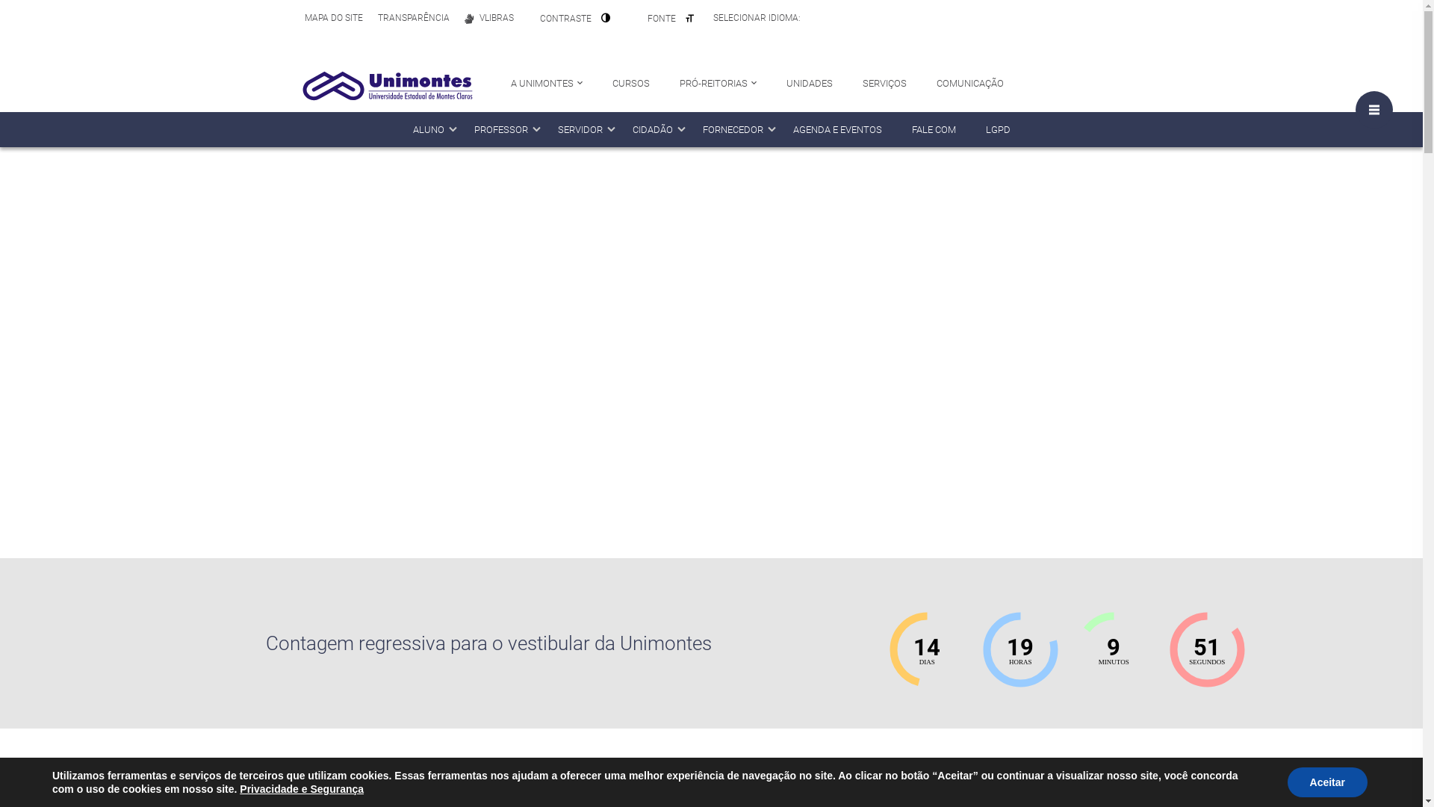  Describe the element at coordinates (541, 129) in the screenshot. I see `'SERVIDOR'` at that location.